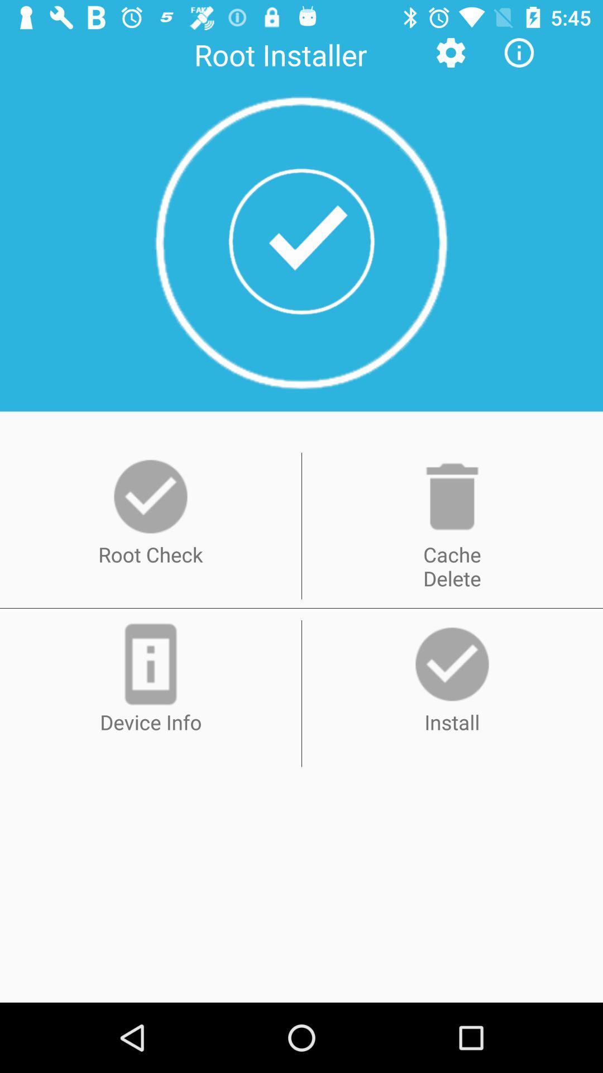  What do you see at coordinates (519, 52) in the screenshot?
I see `the info icon` at bounding box center [519, 52].